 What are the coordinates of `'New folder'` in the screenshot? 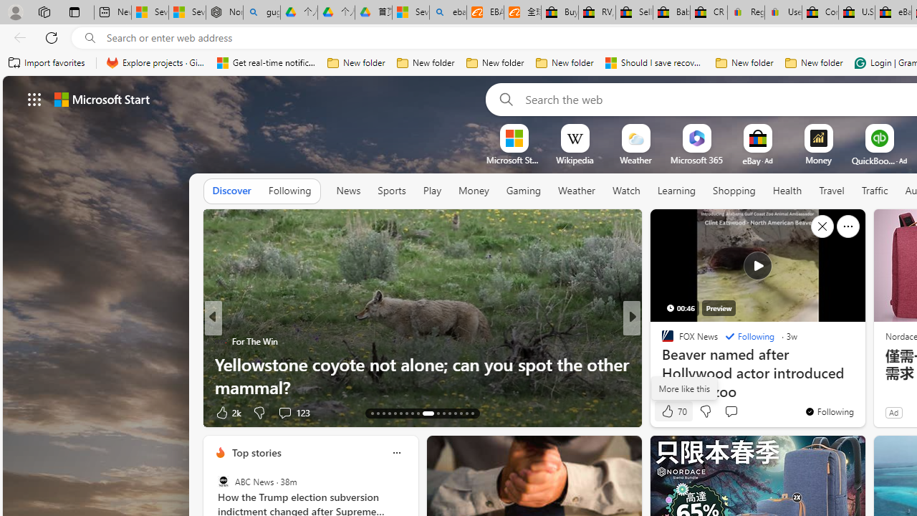 It's located at (814, 62).